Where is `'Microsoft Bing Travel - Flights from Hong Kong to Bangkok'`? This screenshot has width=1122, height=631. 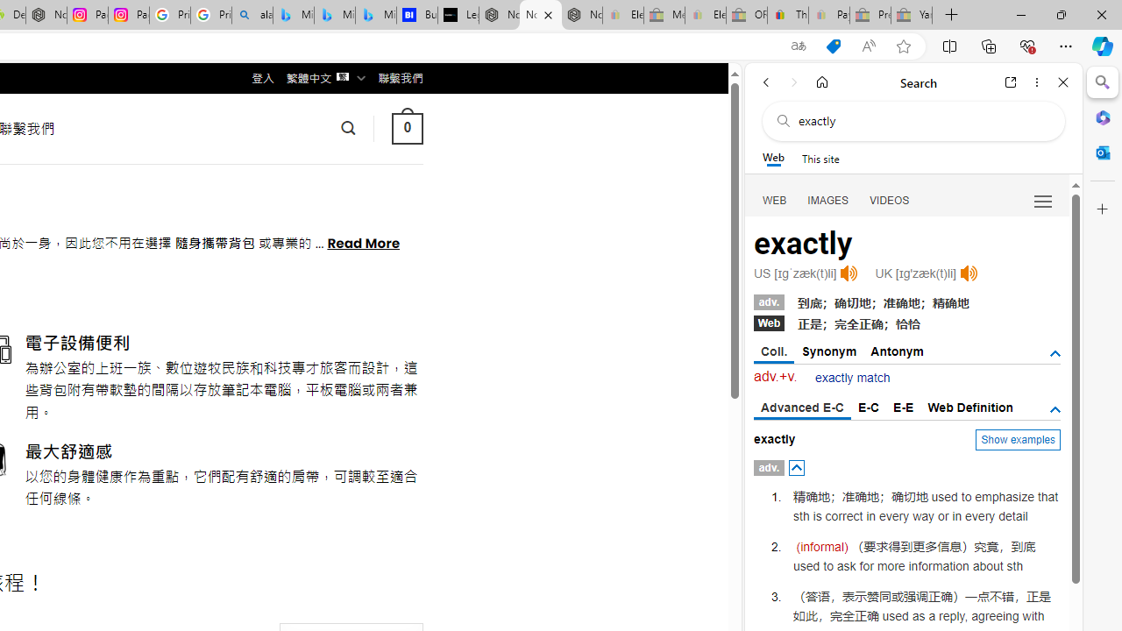
'Microsoft Bing Travel - Flights from Hong Kong to Bangkok' is located at coordinates (294, 15).